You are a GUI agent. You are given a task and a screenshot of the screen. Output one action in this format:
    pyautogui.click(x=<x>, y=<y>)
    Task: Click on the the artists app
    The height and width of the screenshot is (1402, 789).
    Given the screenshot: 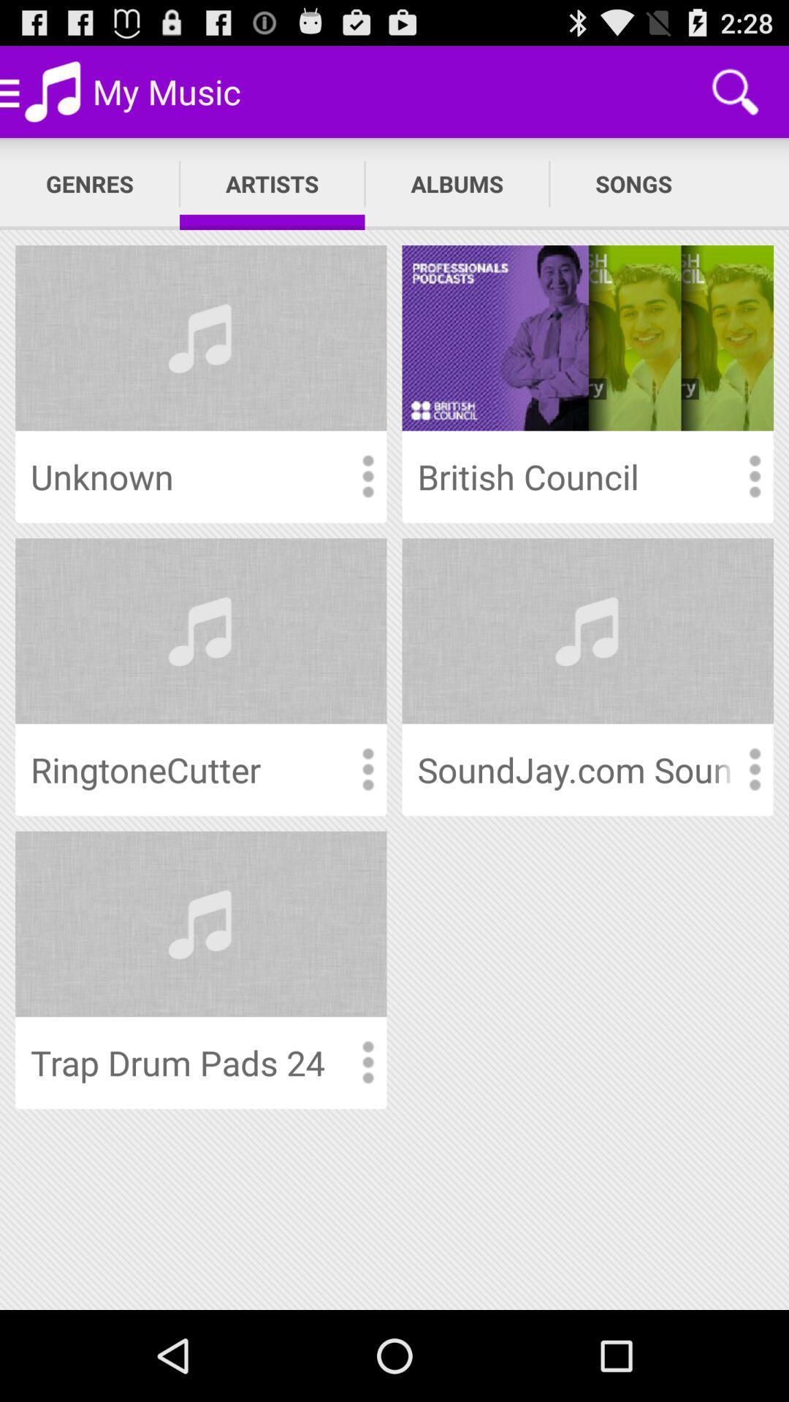 What is the action you would take?
    pyautogui.click(x=272, y=183)
    